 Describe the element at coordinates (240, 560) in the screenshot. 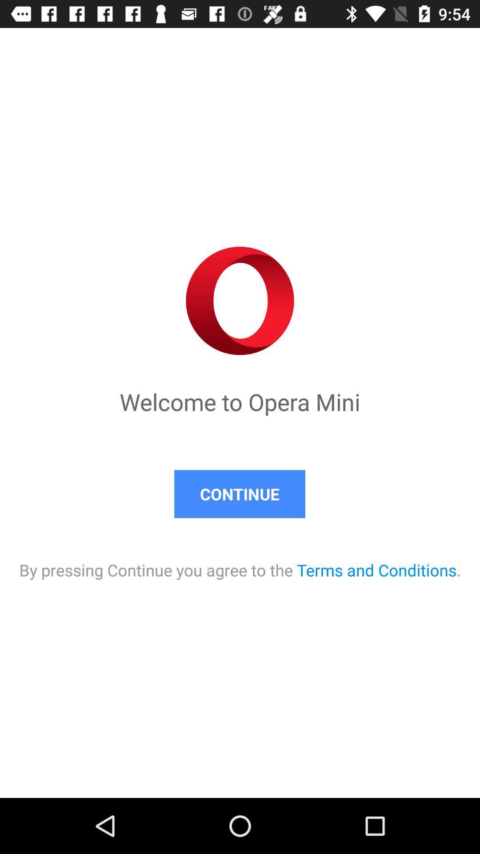

I see `the icon below the continue icon` at that location.